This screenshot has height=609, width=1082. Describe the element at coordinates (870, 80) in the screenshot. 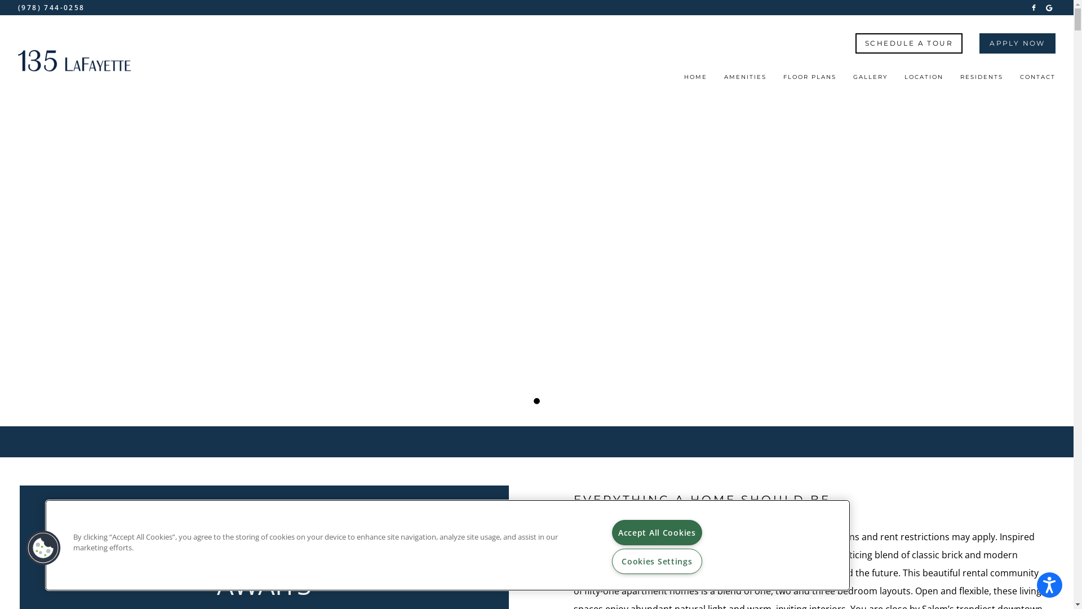

I see `'GALLERY'` at that location.